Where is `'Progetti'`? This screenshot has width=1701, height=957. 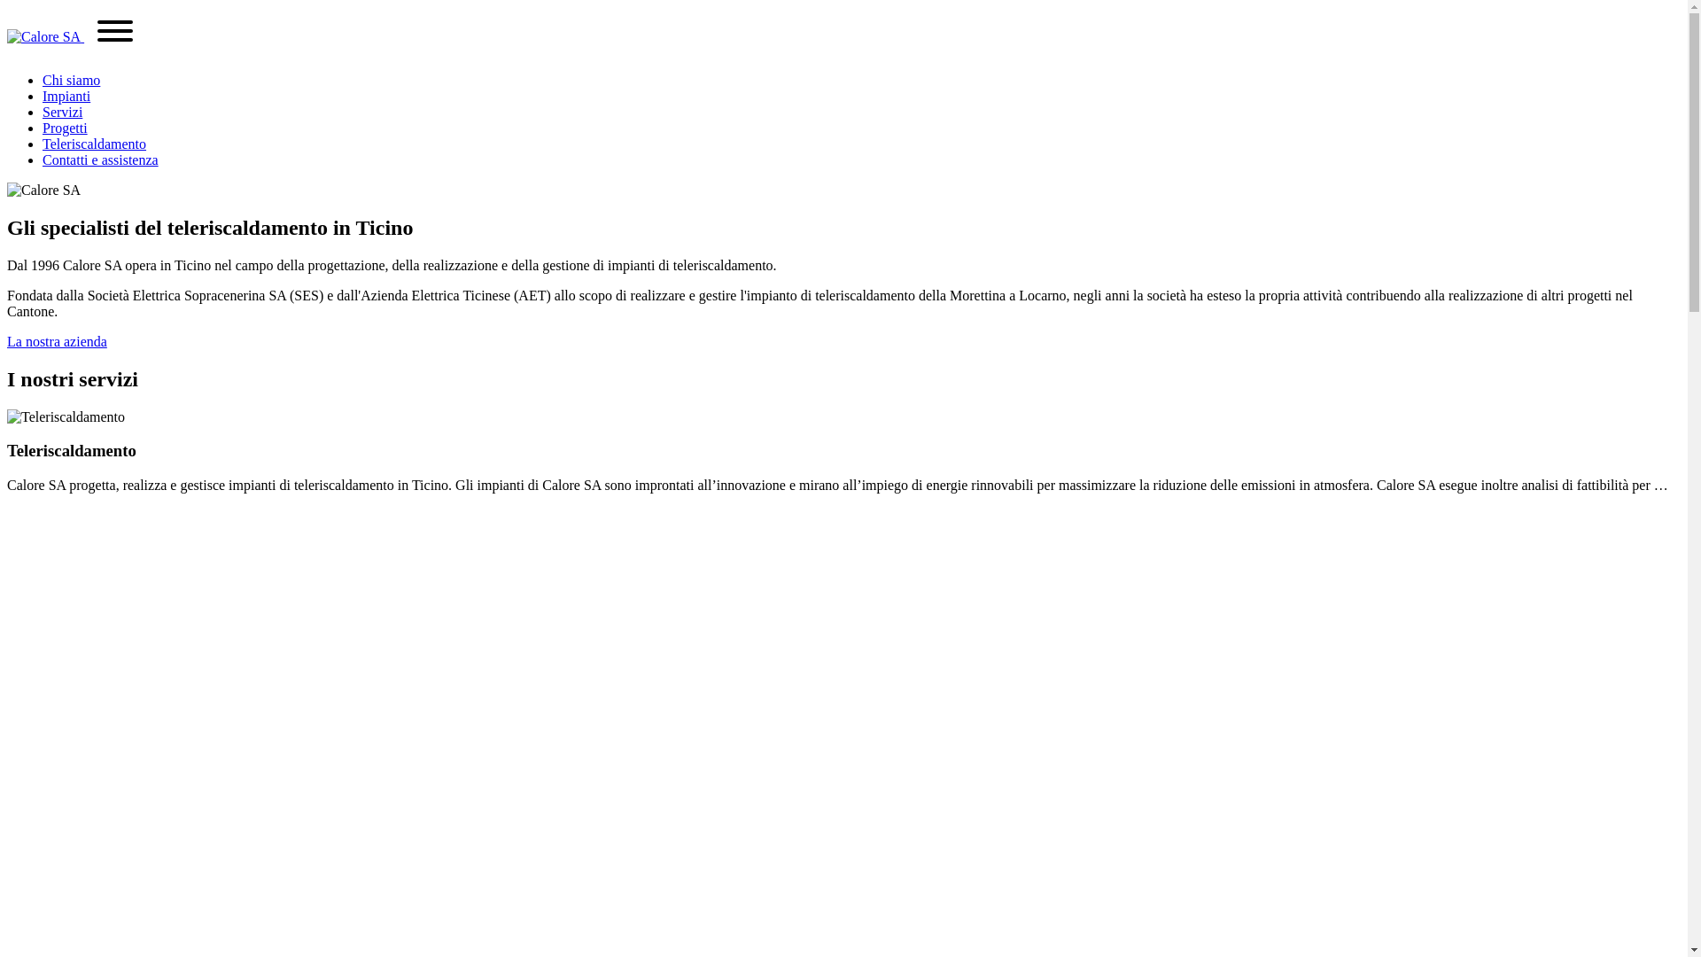
'Progetti' is located at coordinates (65, 127).